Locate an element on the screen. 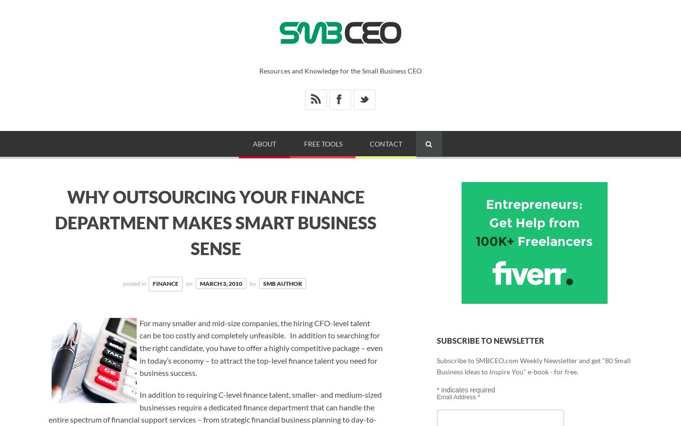  'Subscribe to Newsletter' is located at coordinates (490, 340).